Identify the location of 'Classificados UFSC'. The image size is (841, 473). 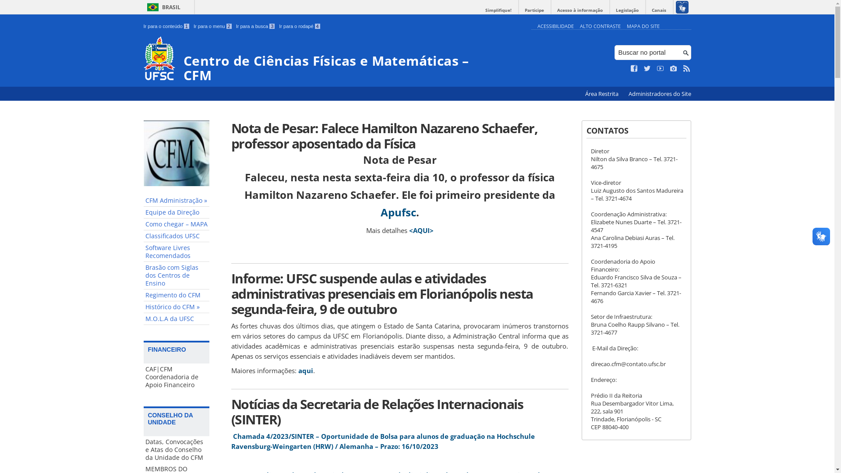
(176, 236).